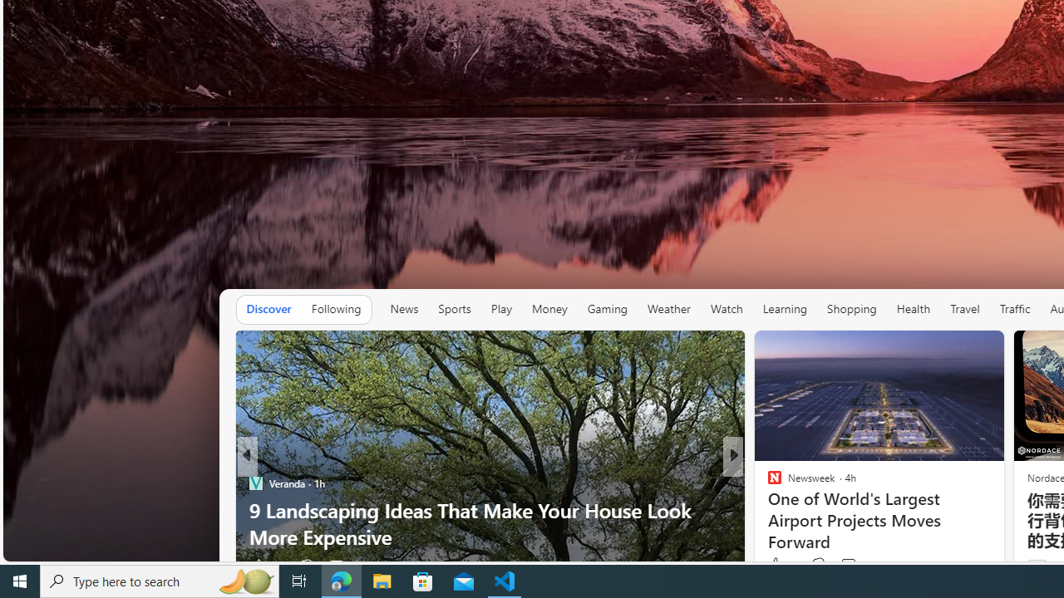 This screenshot has height=598, width=1064. What do you see at coordinates (766, 483) in the screenshot?
I see `'WhatToWatch'` at bounding box center [766, 483].